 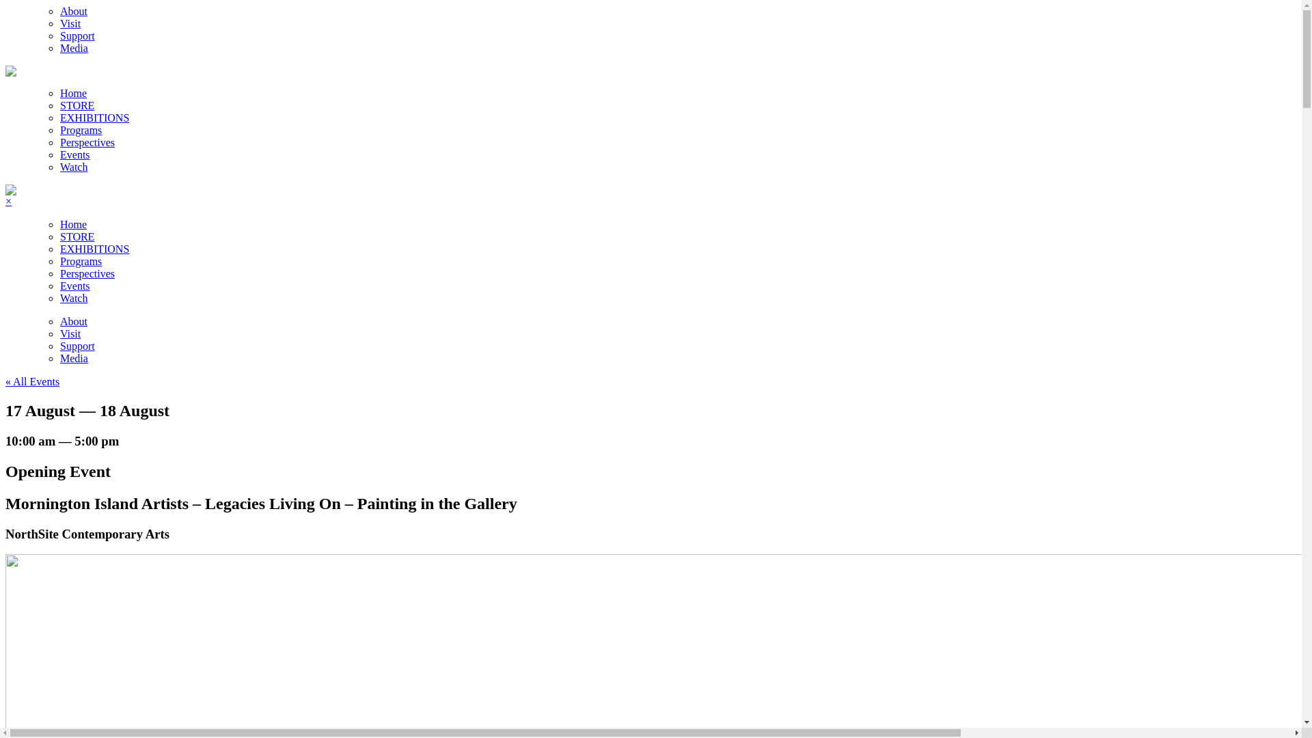 I want to click on 'Watch', so click(x=72, y=297).